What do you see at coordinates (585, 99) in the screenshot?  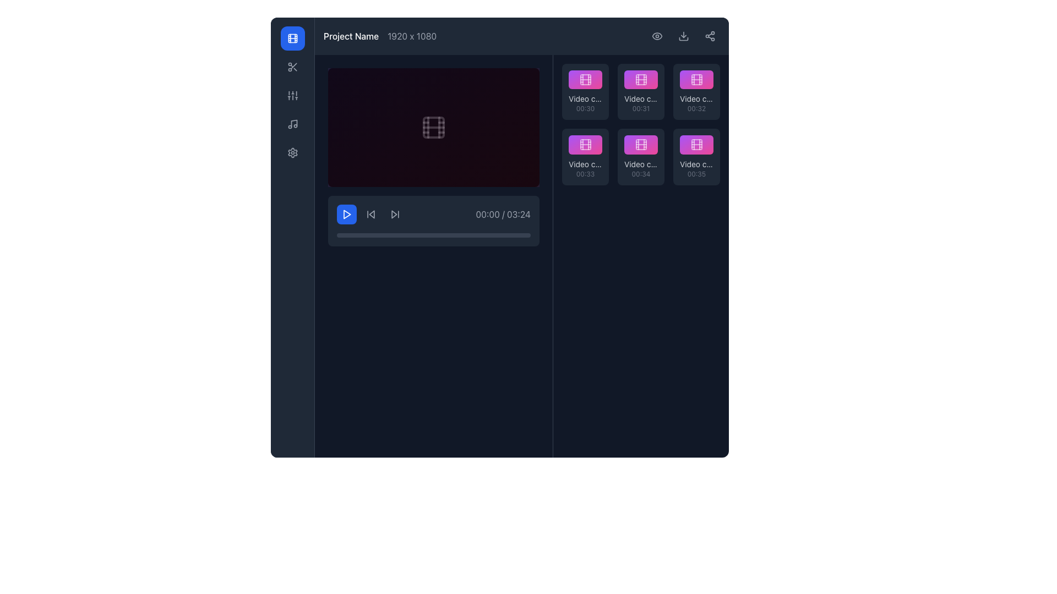 I see `the static text label reading 'Video clip 1' styled in gray and small size, located in the bottom-middle part of the first card in the right-hand panel` at bounding box center [585, 99].